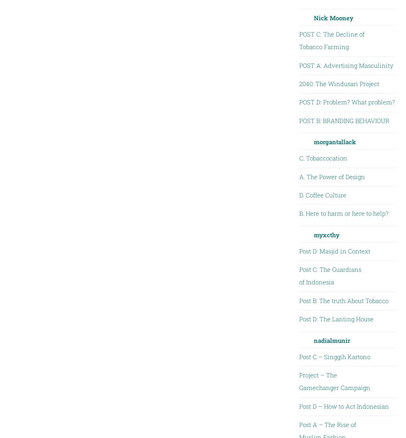 This screenshot has width=406, height=438. What do you see at coordinates (323, 158) in the screenshot?
I see `'C. Tobaccocation'` at bounding box center [323, 158].